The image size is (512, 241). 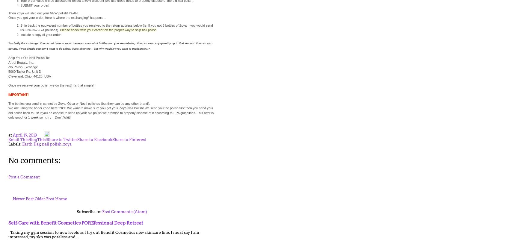 What do you see at coordinates (75, 49) in the screenshot?
I see `'that's'` at bounding box center [75, 49].